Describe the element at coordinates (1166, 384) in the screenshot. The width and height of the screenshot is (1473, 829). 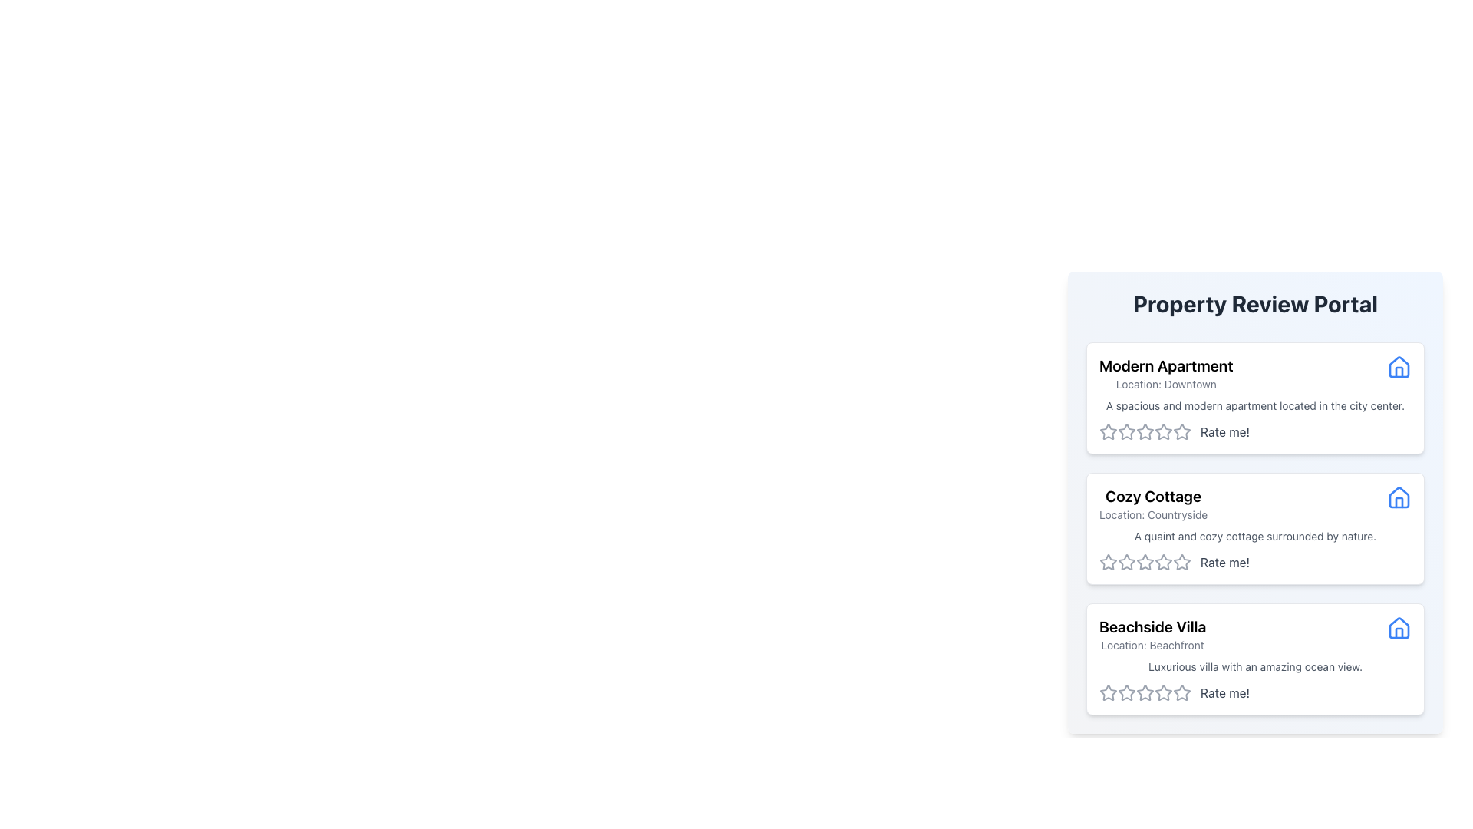
I see `the static text label located directly below the 'Modern Apartment' title in the first card of the property list` at that location.